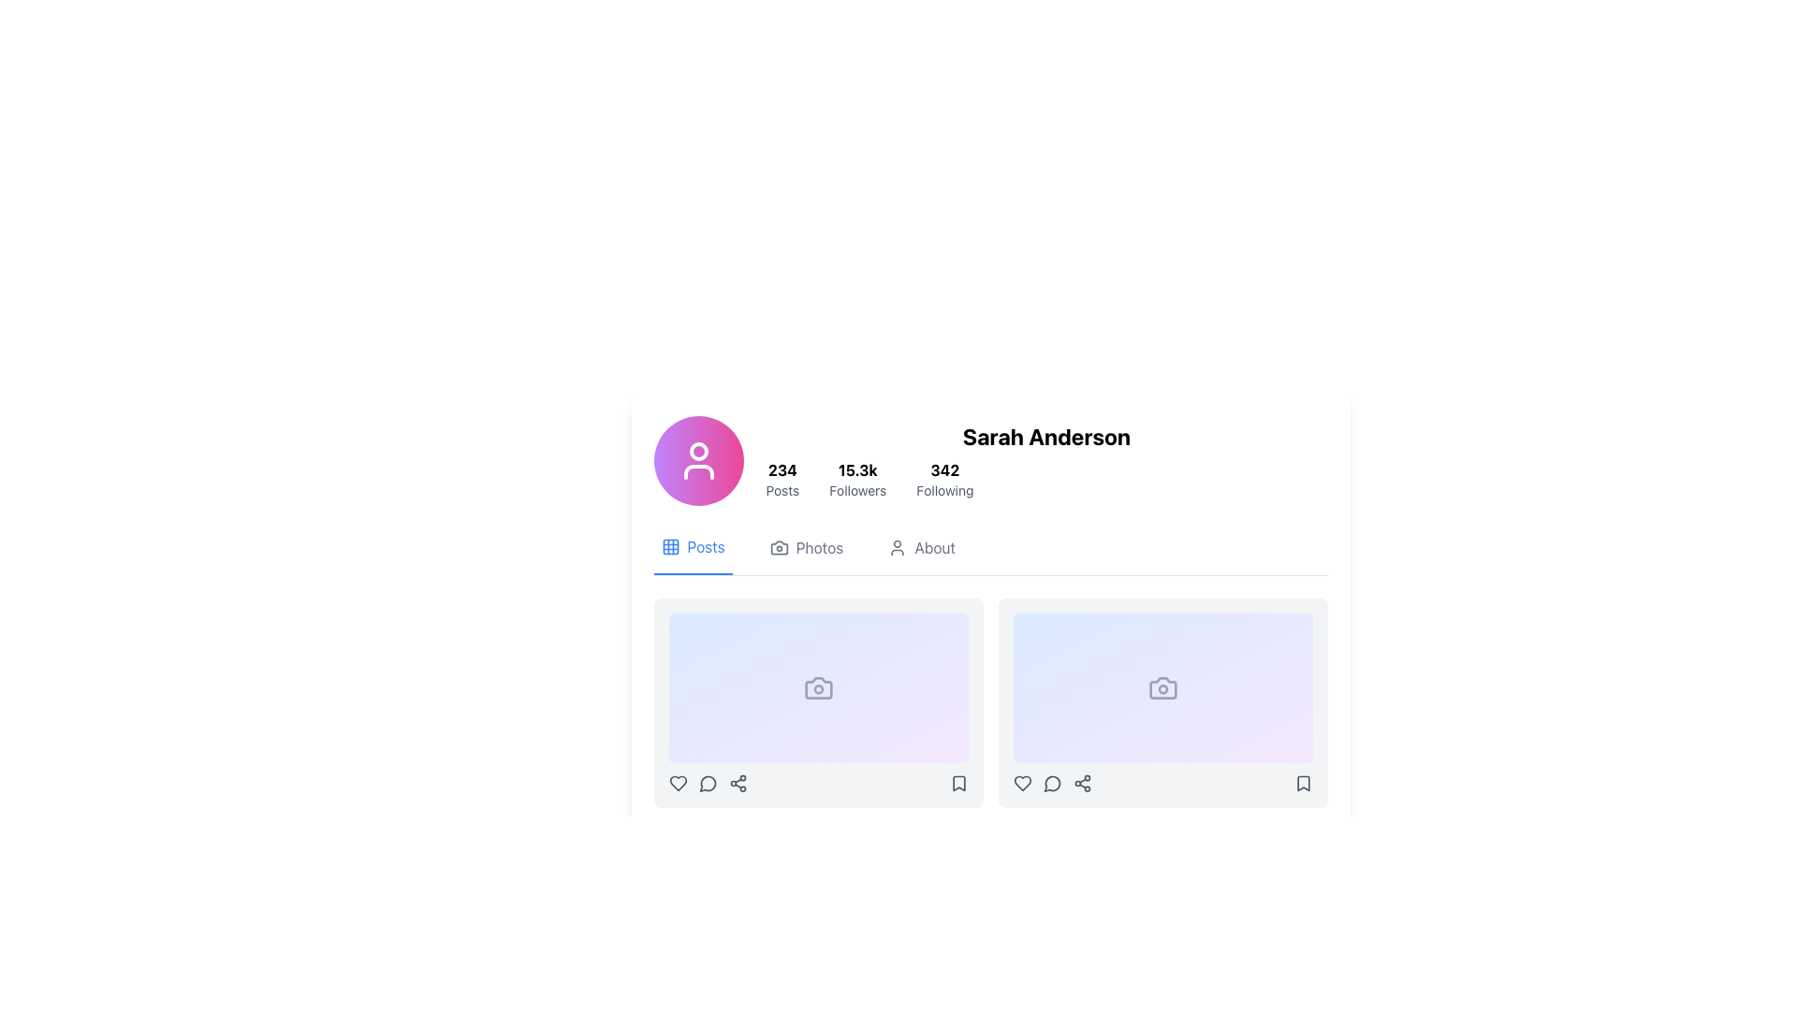  Describe the element at coordinates (897, 547) in the screenshot. I see `the design of the user silhouette icon, which is a dark gray outlined icon consisting of a circular head and a semicircular torso, located to the left of the 'About' label` at that location.